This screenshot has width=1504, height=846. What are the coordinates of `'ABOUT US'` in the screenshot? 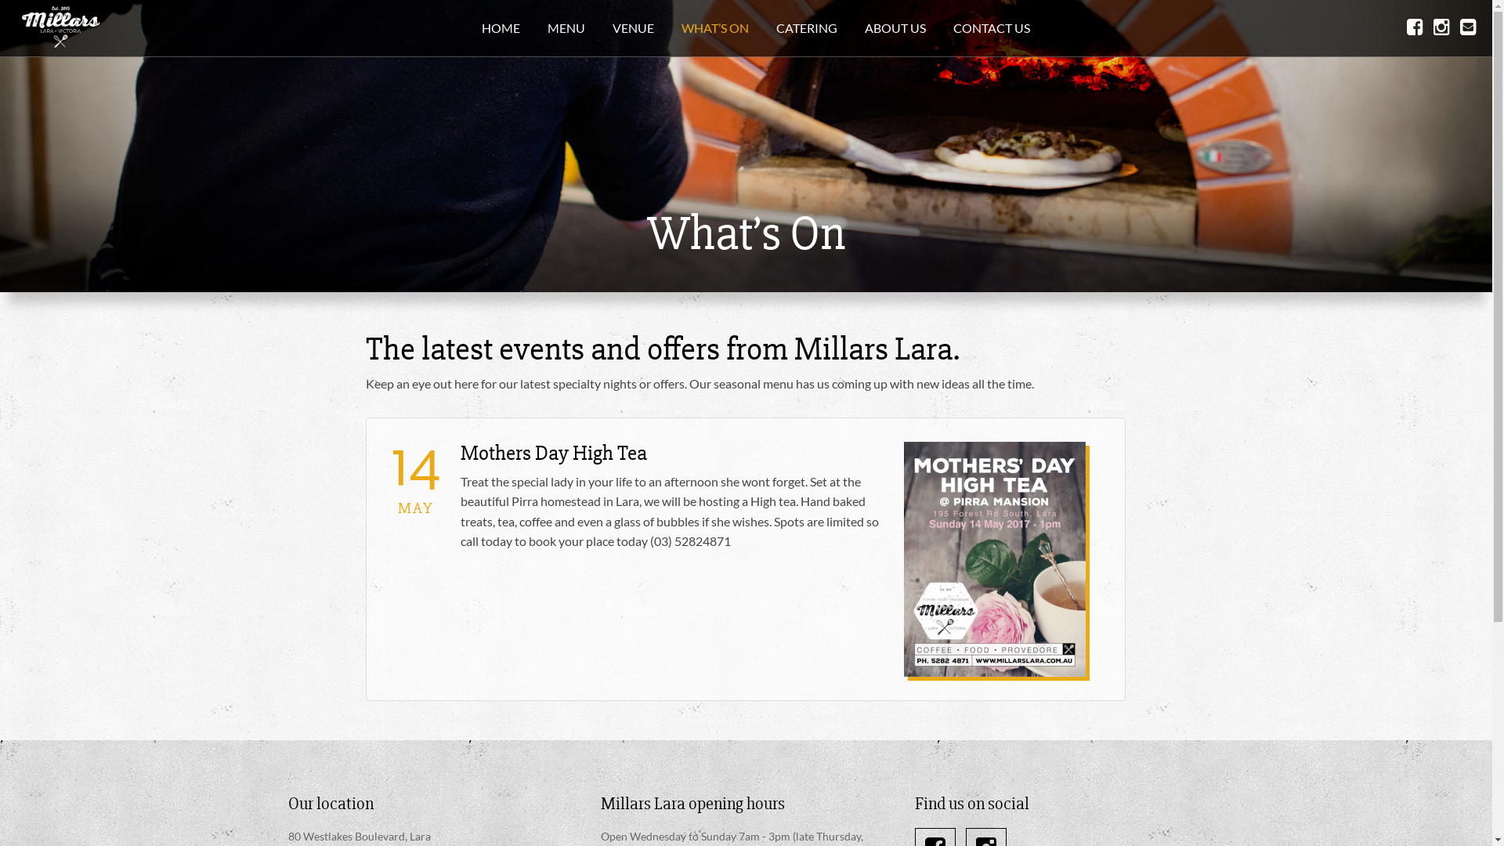 It's located at (895, 27).